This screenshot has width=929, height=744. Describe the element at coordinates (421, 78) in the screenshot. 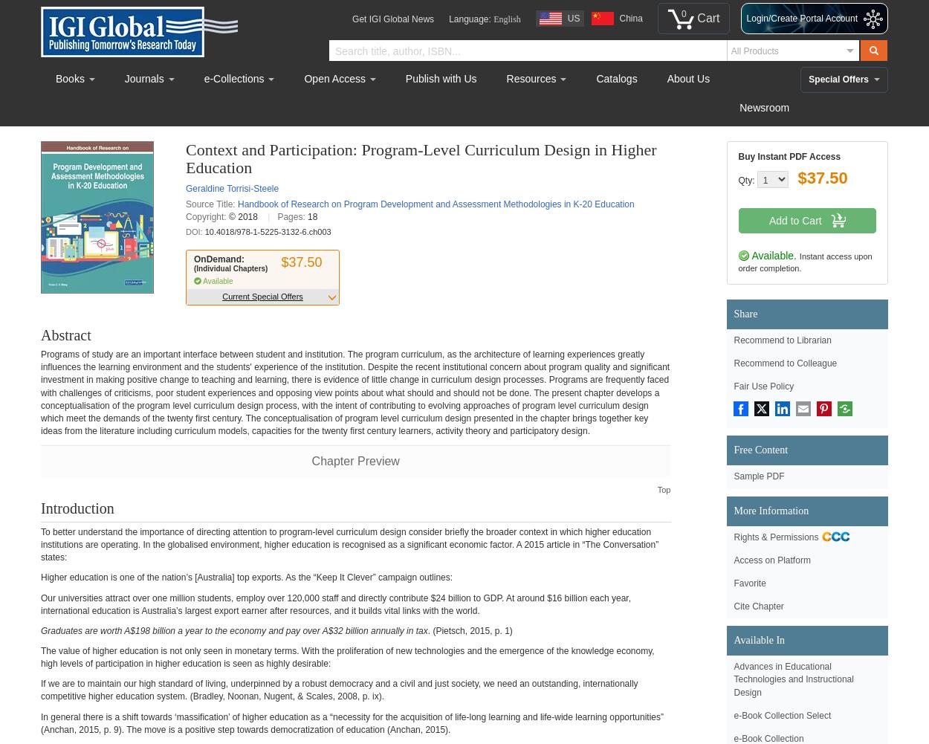

I see `'Publish'` at that location.